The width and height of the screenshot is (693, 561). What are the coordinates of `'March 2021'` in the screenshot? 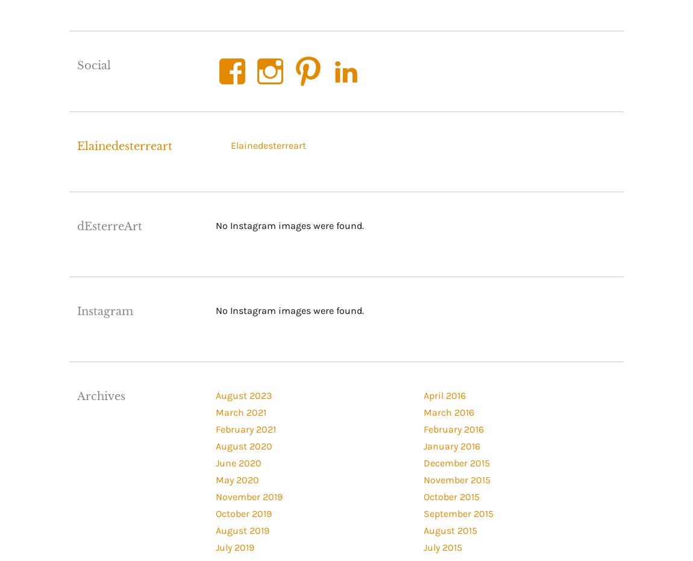 It's located at (240, 411).